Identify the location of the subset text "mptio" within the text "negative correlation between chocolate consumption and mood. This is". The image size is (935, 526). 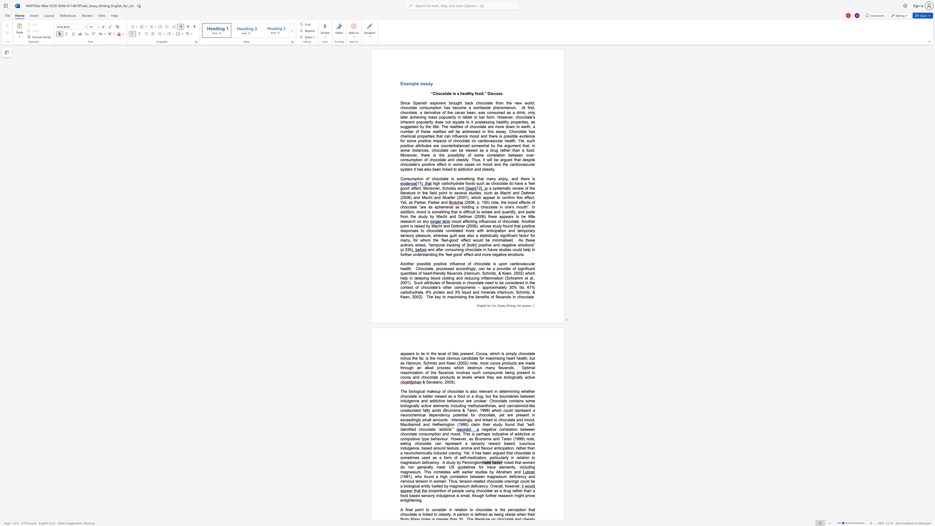
(429, 433).